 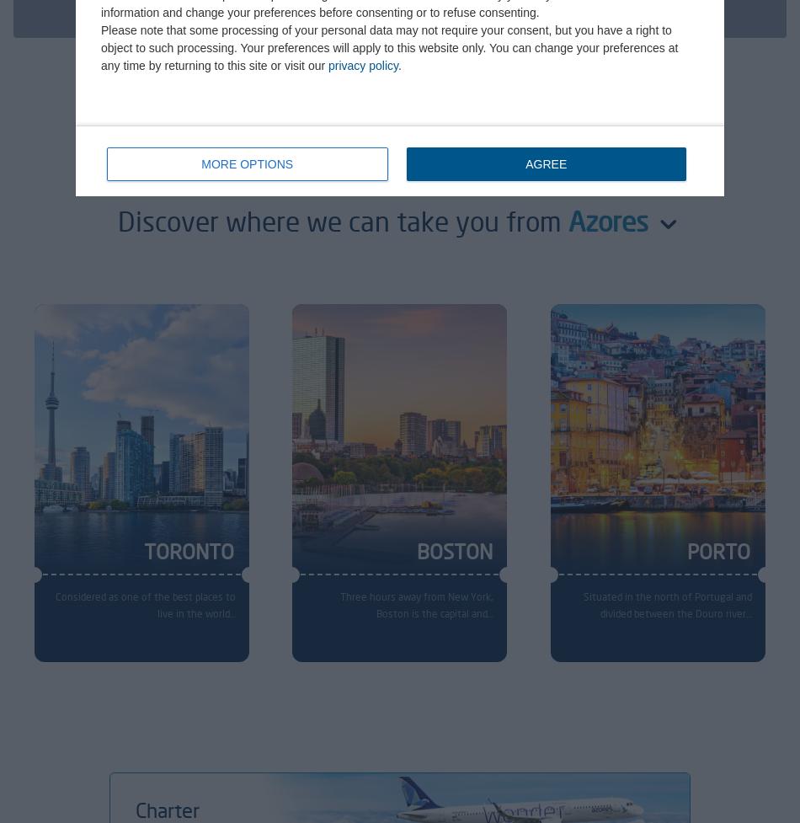 I want to click on 'Charter', so click(x=168, y=808).